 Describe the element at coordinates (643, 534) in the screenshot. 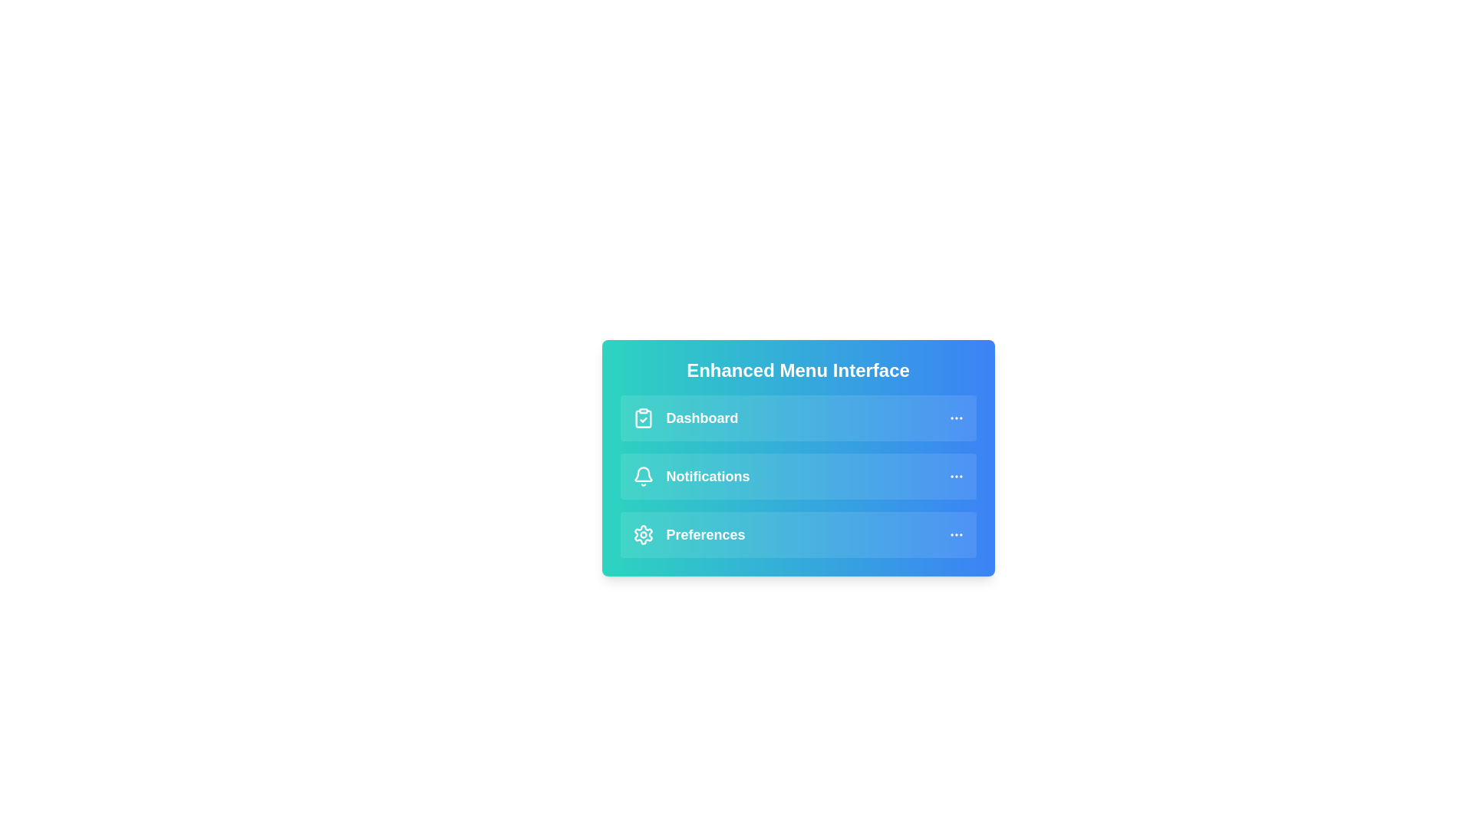

I see `the leftmost icon in the 'Preferences' row` at that location.